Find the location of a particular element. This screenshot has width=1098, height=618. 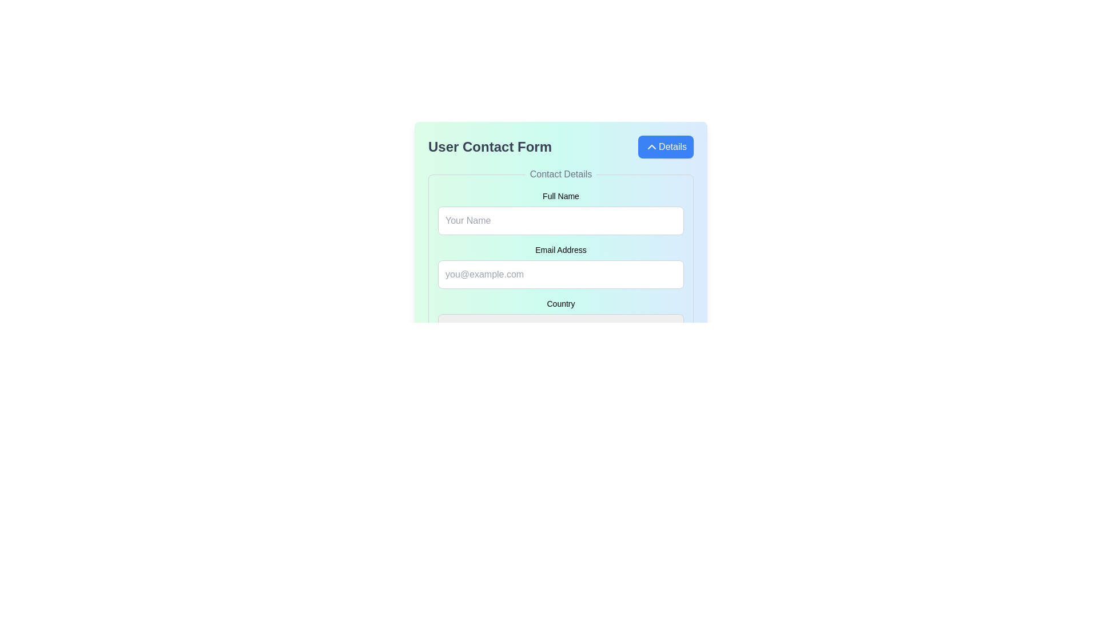

the dropdown menu for country selection, which is the third input field in the form located below 'Email Address' and above the 'Submit' section is located at coordinates (560, 319).